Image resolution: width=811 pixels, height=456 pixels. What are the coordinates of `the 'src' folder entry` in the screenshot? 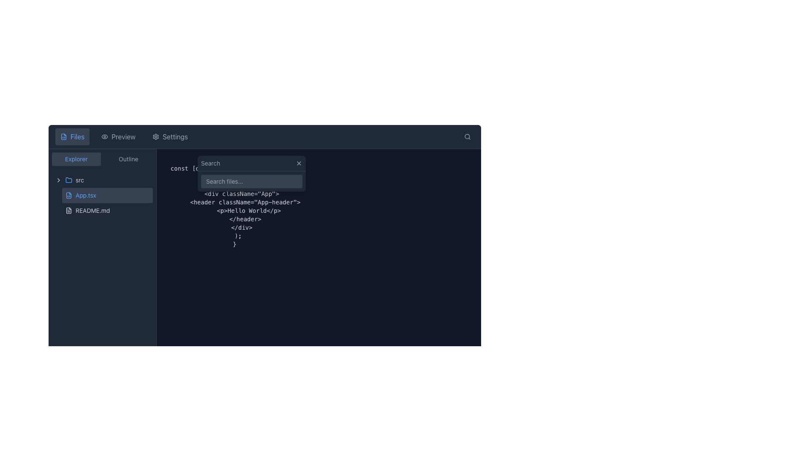 It's located at (102, 180).